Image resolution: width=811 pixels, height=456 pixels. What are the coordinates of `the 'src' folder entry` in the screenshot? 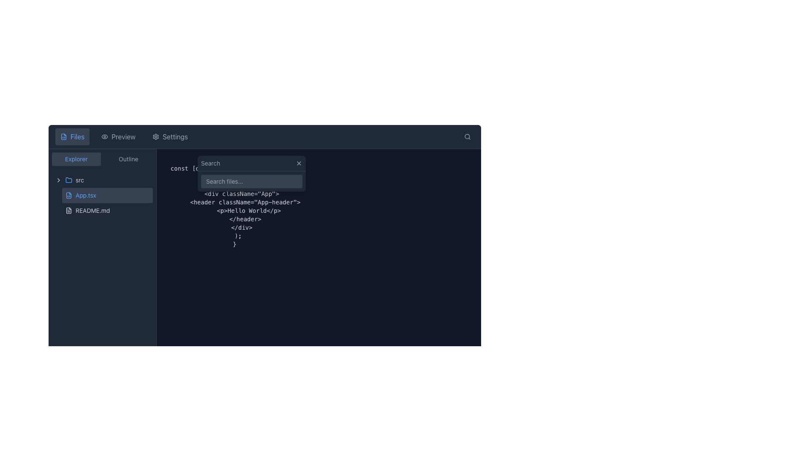 It's located at (102, 180).